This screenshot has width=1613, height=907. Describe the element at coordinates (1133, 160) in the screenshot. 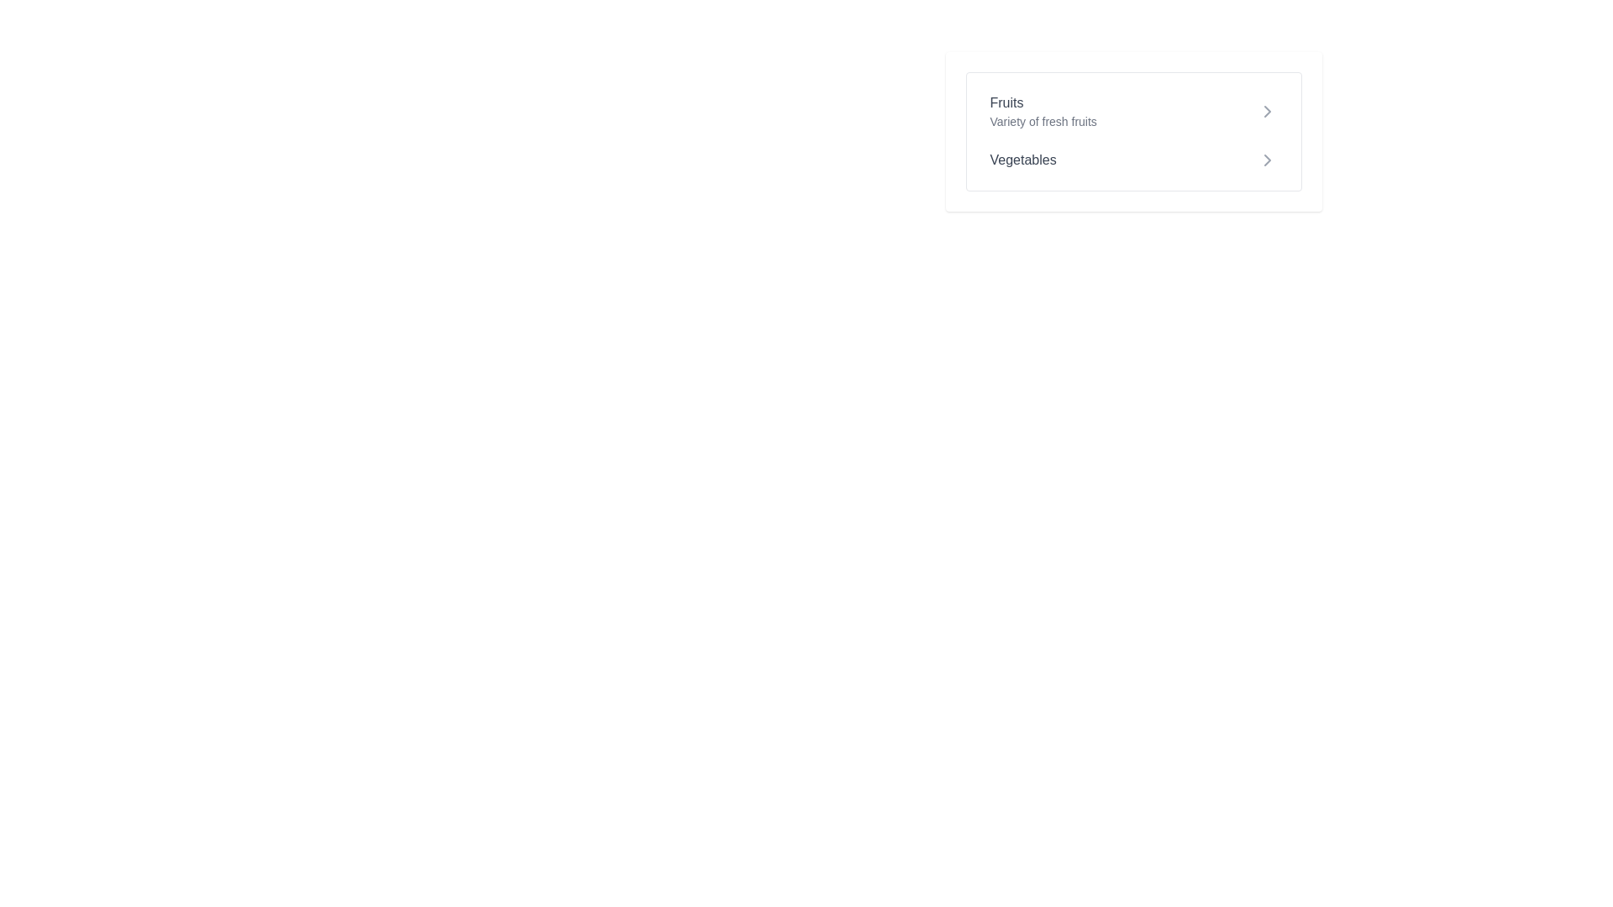

I see `the 'Vegetables' list item, which is the second item in a vertical list under 'Fruits'` at that location.